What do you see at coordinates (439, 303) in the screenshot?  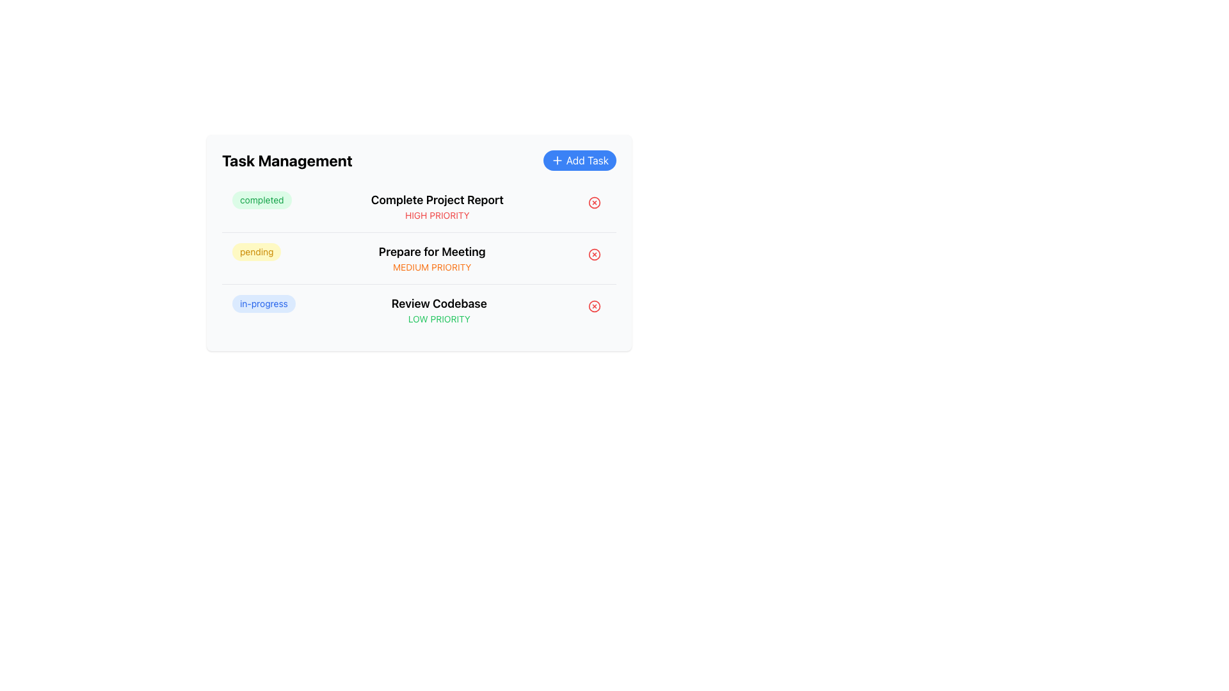 I see `the text label reading 'Review Codebase' which is bold and larger in font size` at bounding box center [439, 303].